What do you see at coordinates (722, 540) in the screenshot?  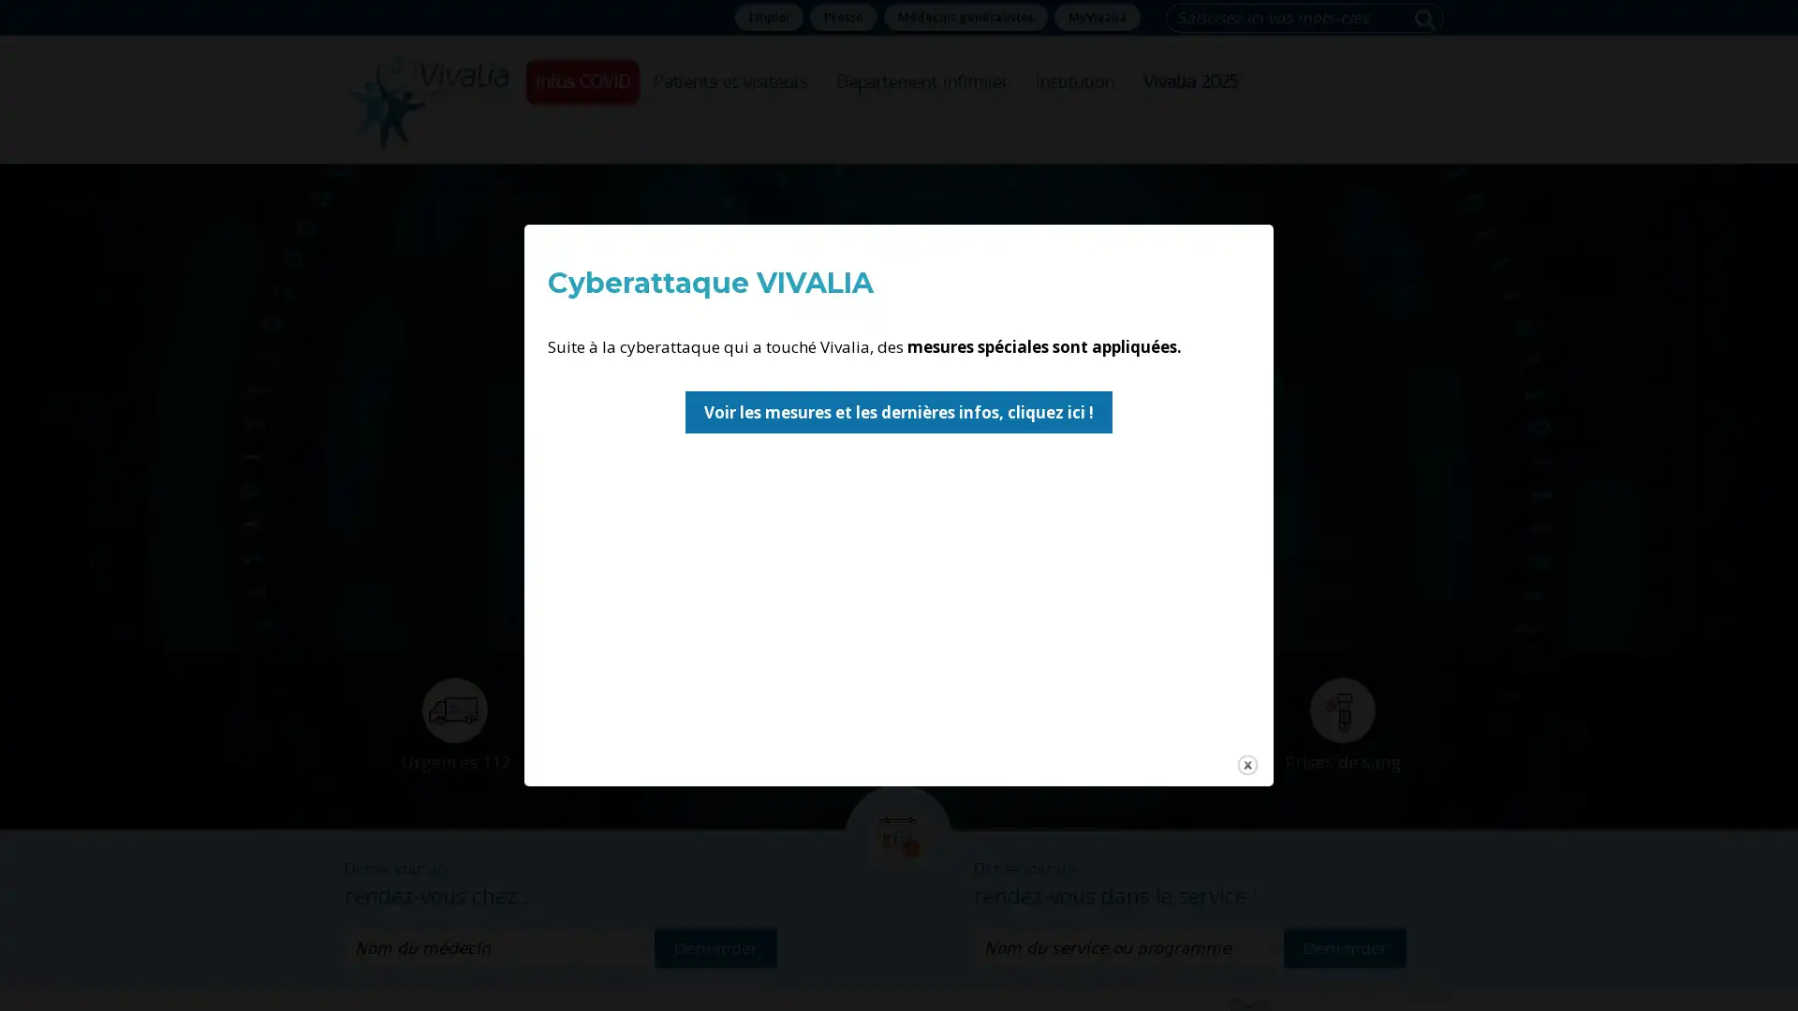 I see `close` at bounding box center [722, 540].